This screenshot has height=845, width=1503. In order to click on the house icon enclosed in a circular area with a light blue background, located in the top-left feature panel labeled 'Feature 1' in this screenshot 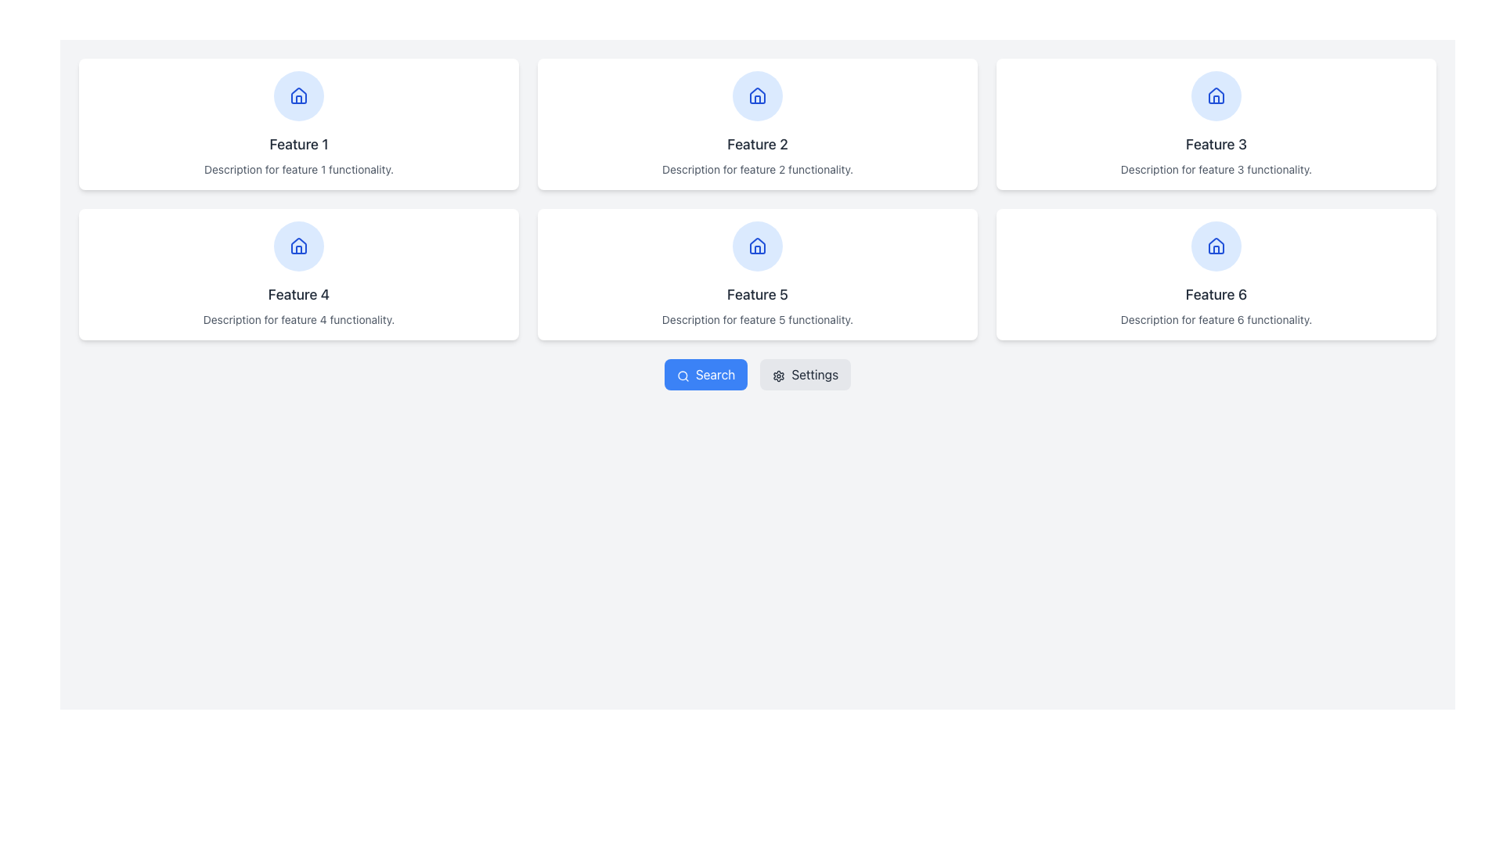, I will do `click(299, 96)`.